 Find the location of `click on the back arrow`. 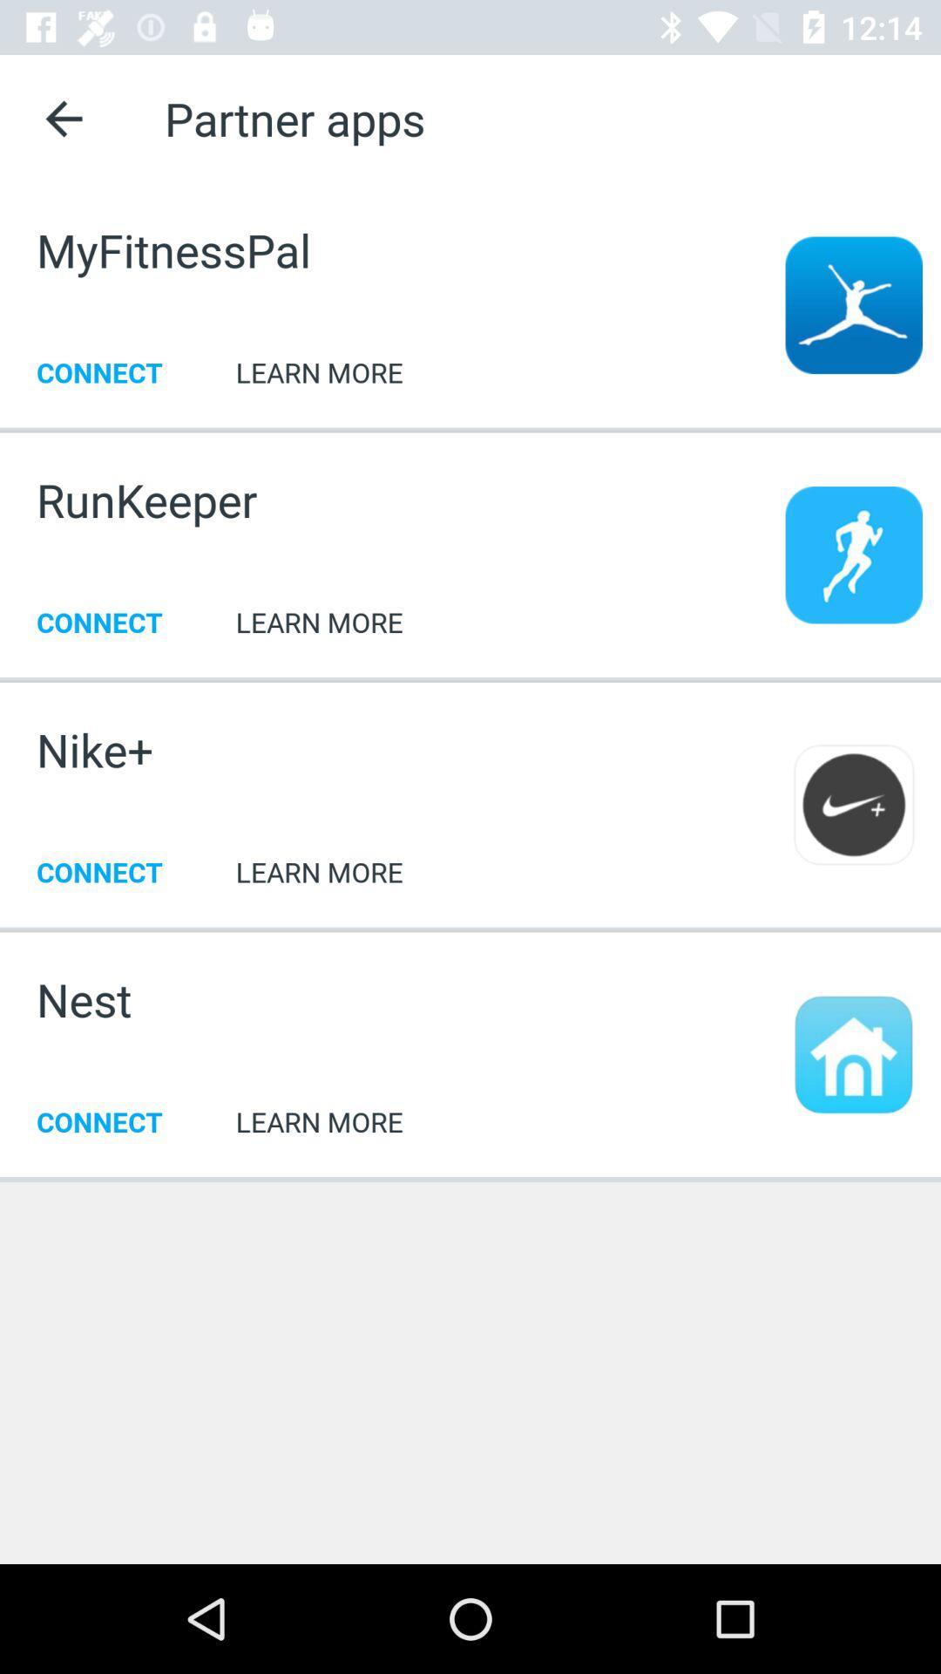

click on the back arrow is located at coordinates (63, 118).